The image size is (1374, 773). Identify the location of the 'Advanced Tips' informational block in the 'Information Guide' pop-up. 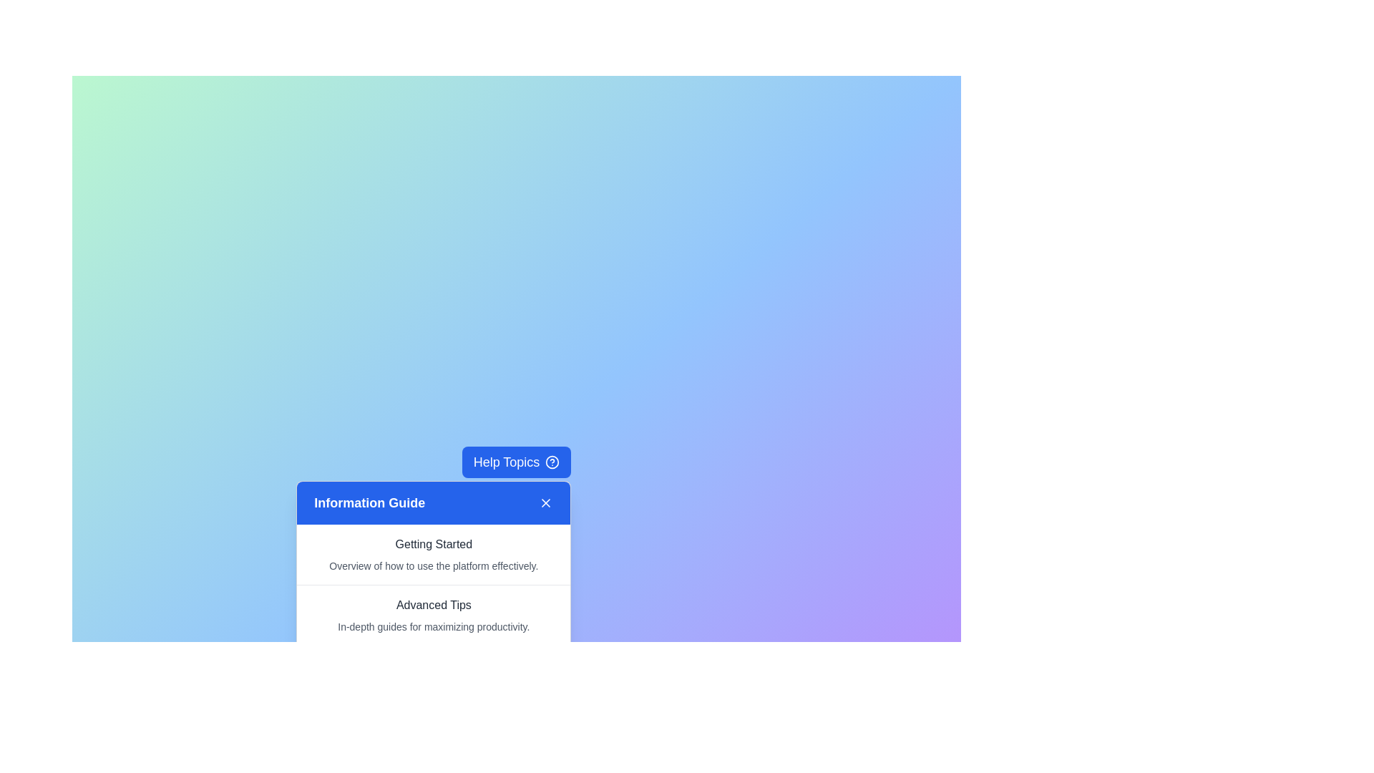
(433, 615).